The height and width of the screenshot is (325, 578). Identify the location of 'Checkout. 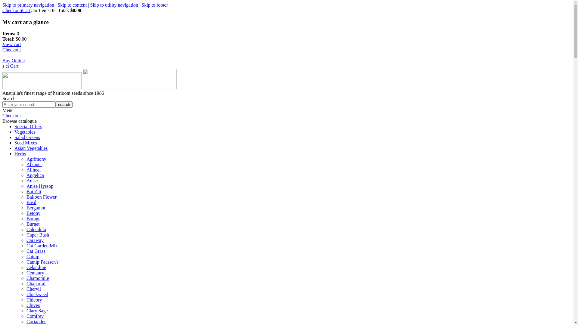
(13, 55).